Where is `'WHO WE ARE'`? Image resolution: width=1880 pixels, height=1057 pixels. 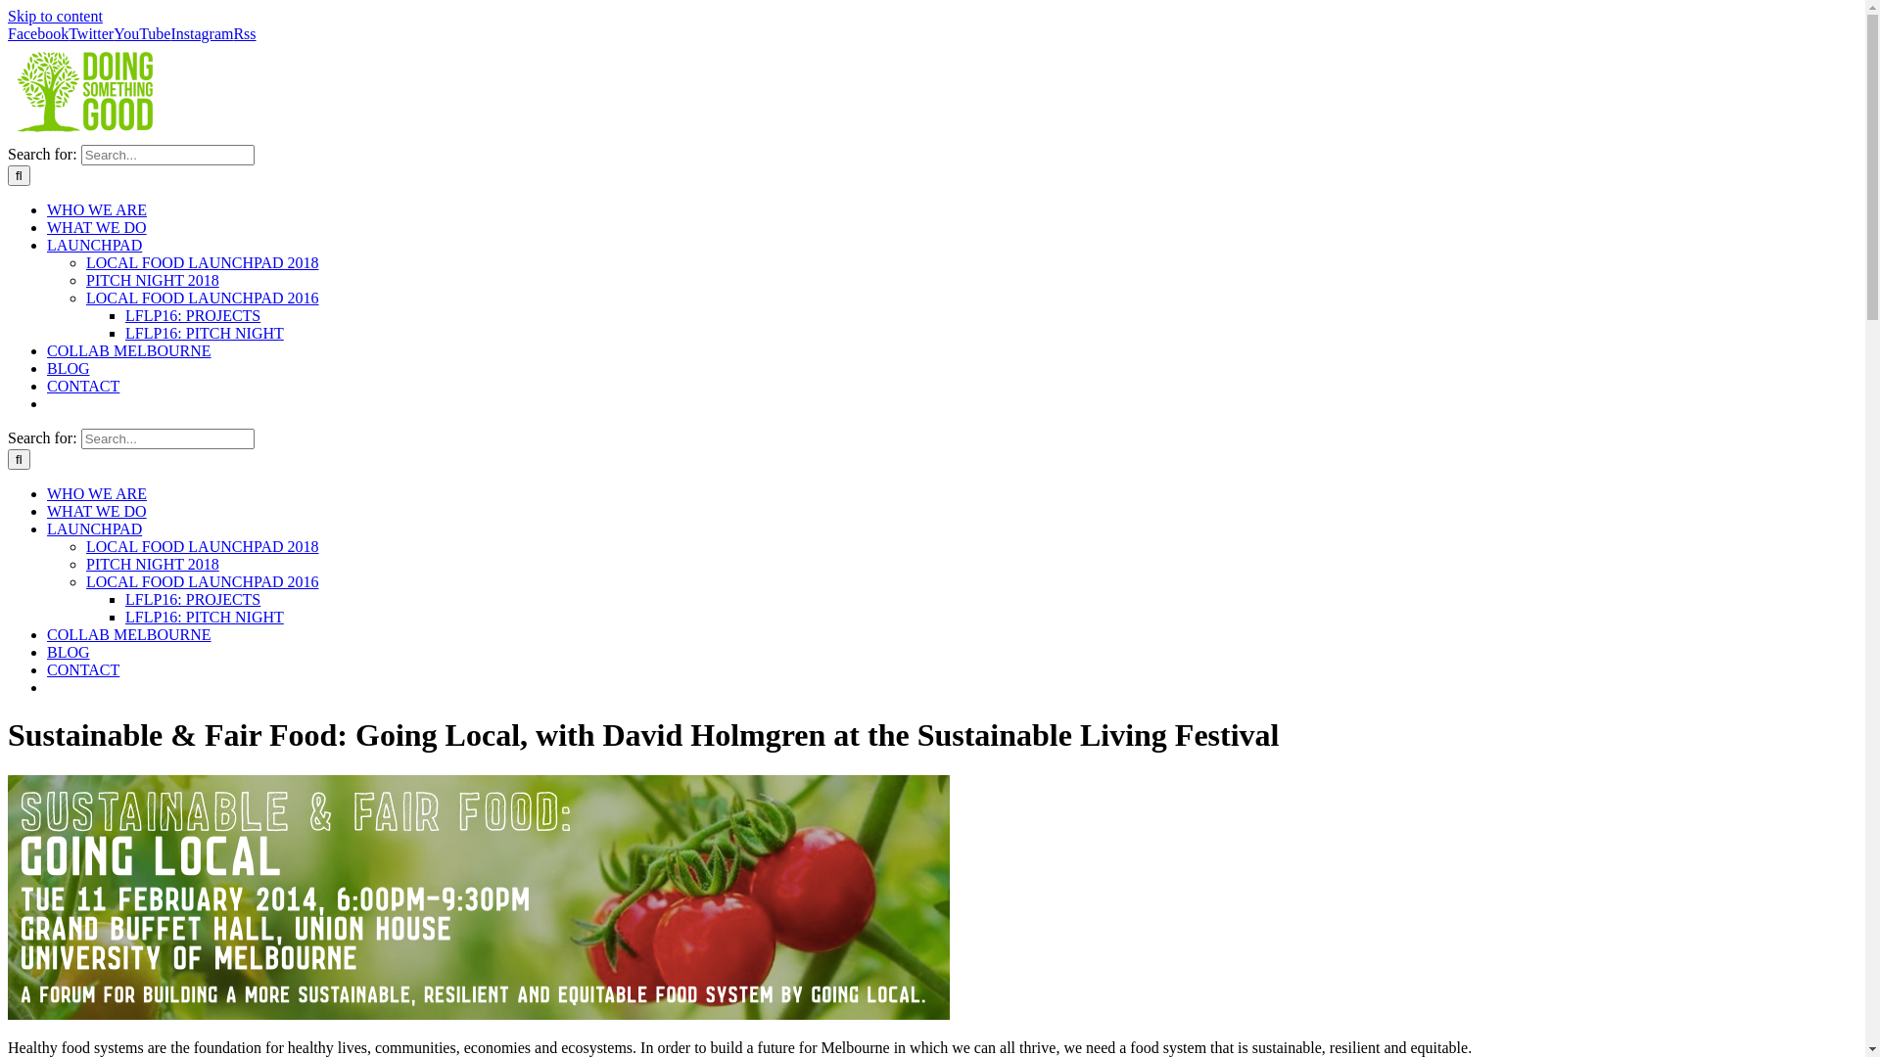 'WHO WE ARE' is located at coordinates (96, 492).